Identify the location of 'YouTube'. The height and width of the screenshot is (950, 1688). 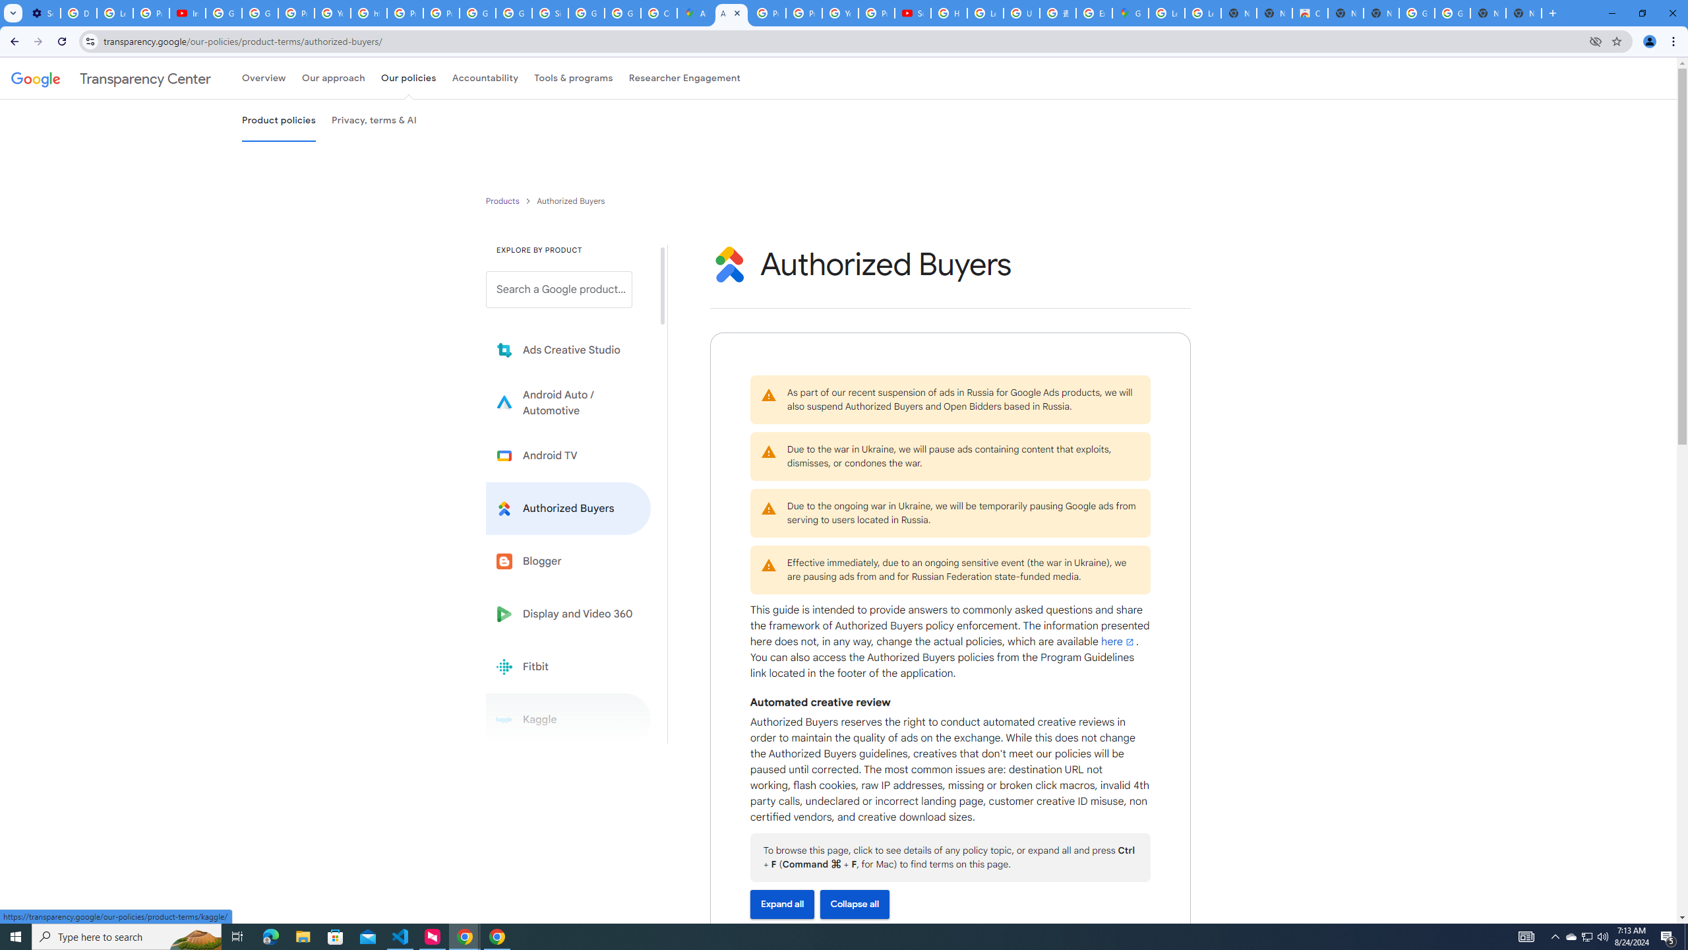
(839, 13).